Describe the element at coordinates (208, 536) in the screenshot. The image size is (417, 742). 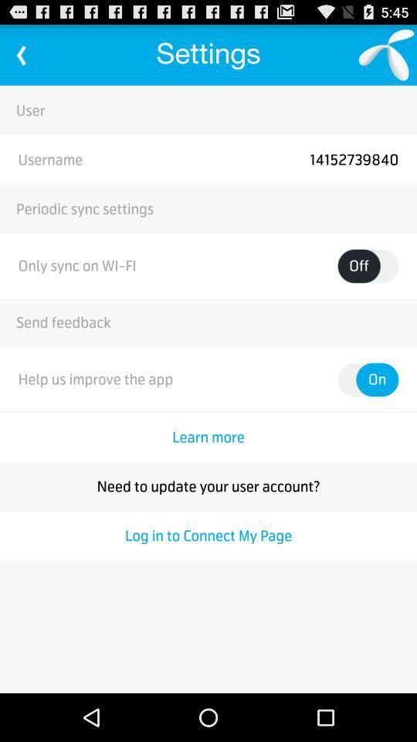
I see `icon at the bottom` at that location.